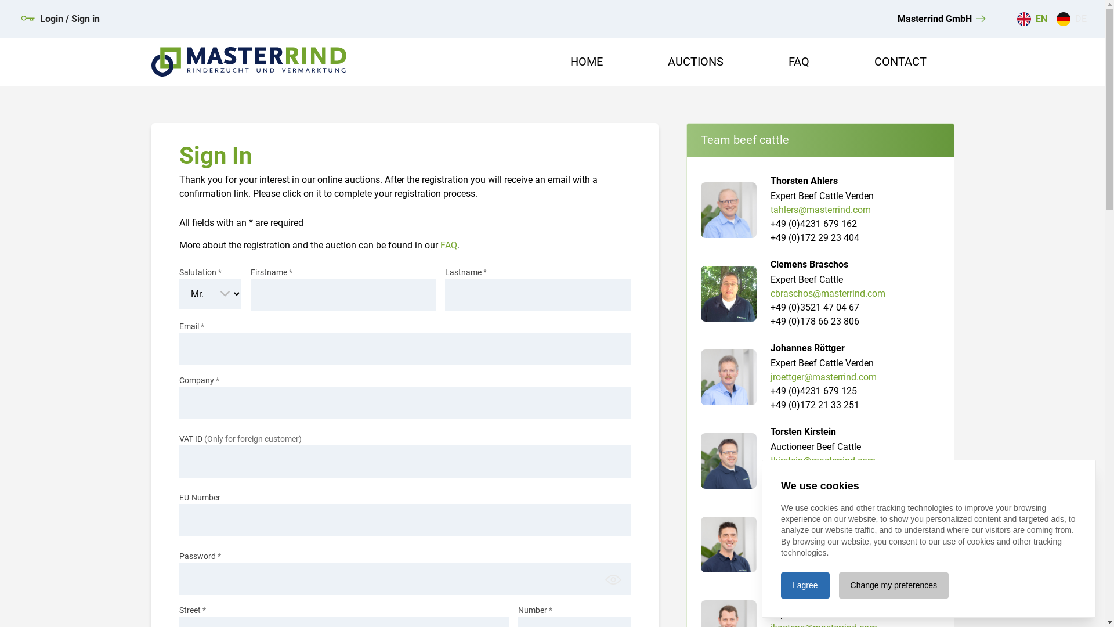 The image size is (1114, 627). Describe the element at coordinates (639, 61) in the screenshot. I see `'AUCTIONS'` at that location.